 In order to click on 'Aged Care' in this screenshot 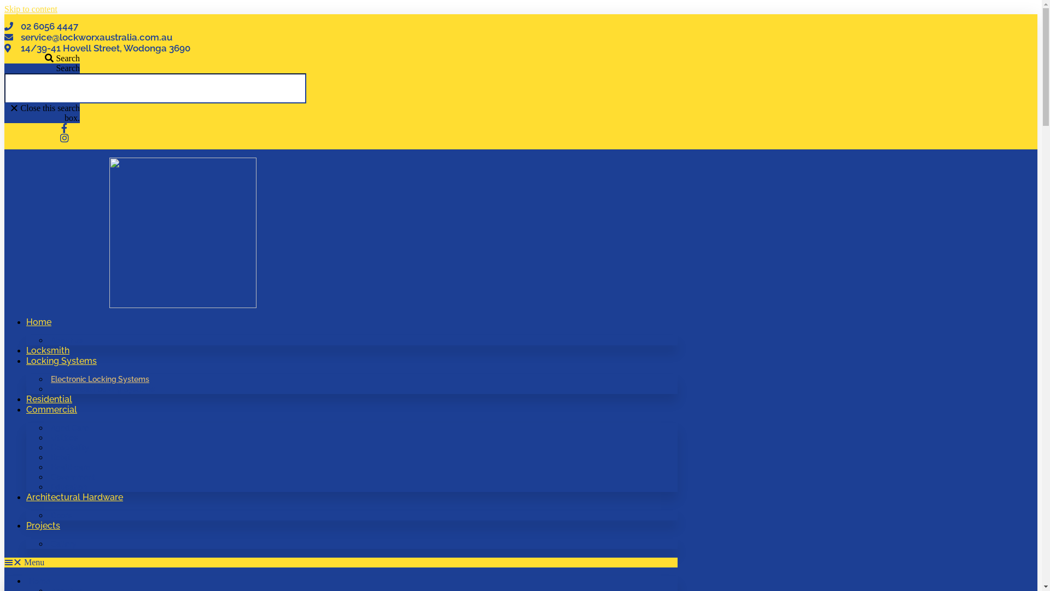, I will do `click(47, 427)`.